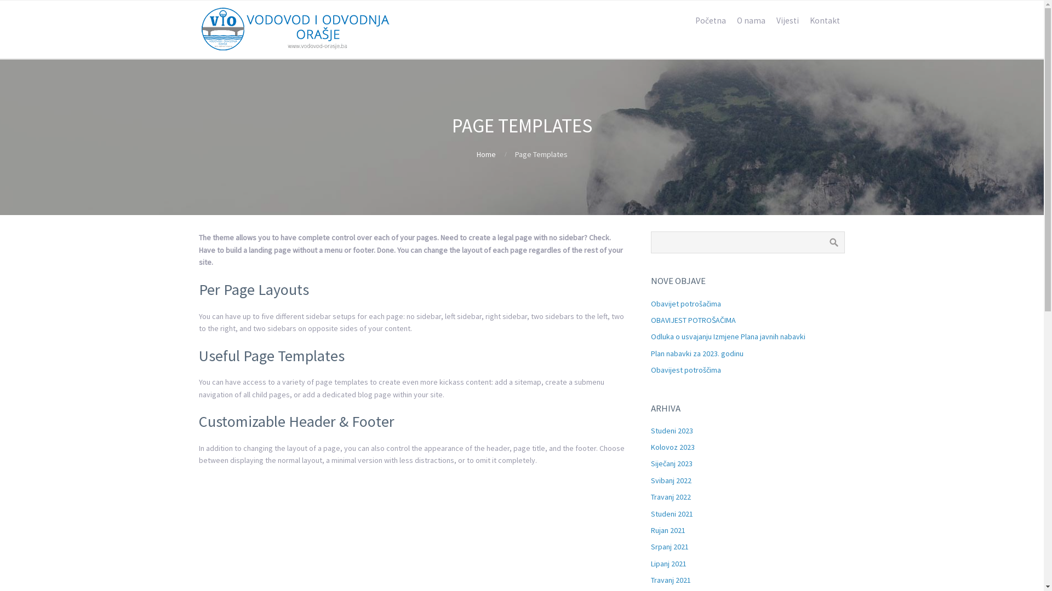 This screenshot has width=1052, height=591. Describe the element at coordinates (670, 580) in the screenshot. I see `'Travanj 2021'` at that location.